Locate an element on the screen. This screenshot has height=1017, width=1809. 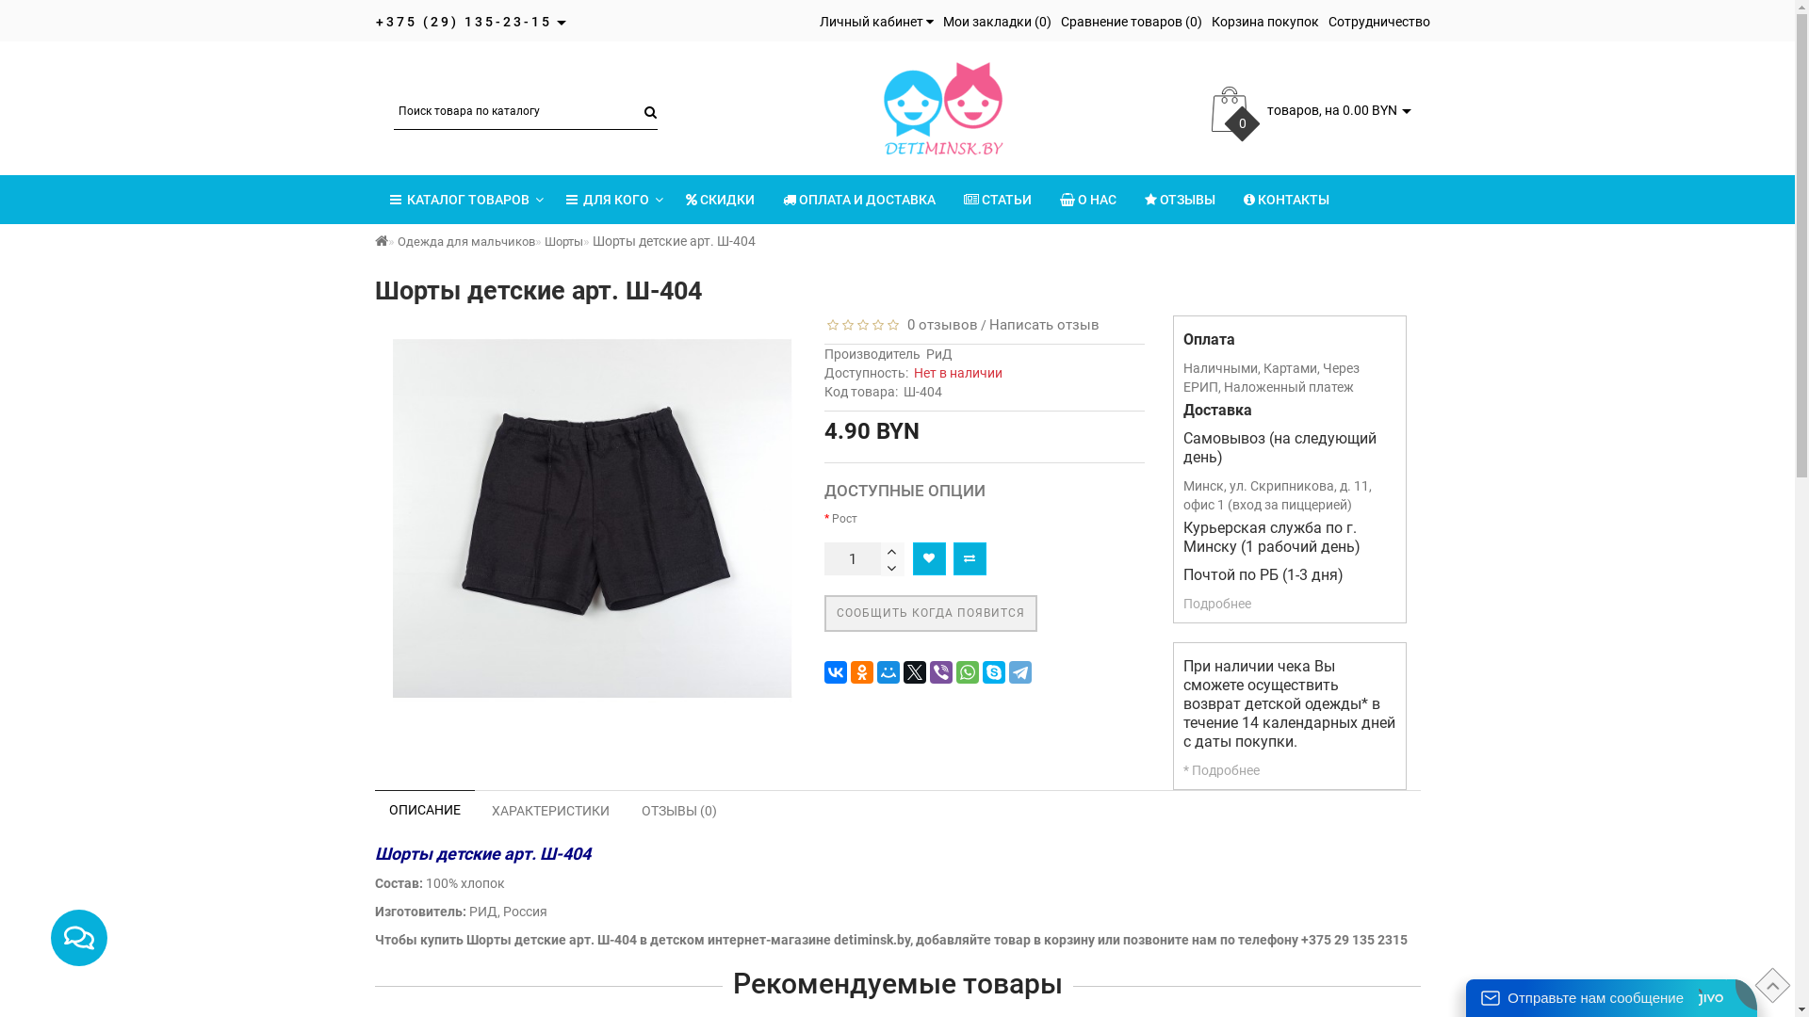
'cart' is located at coordinates (1230, 108).